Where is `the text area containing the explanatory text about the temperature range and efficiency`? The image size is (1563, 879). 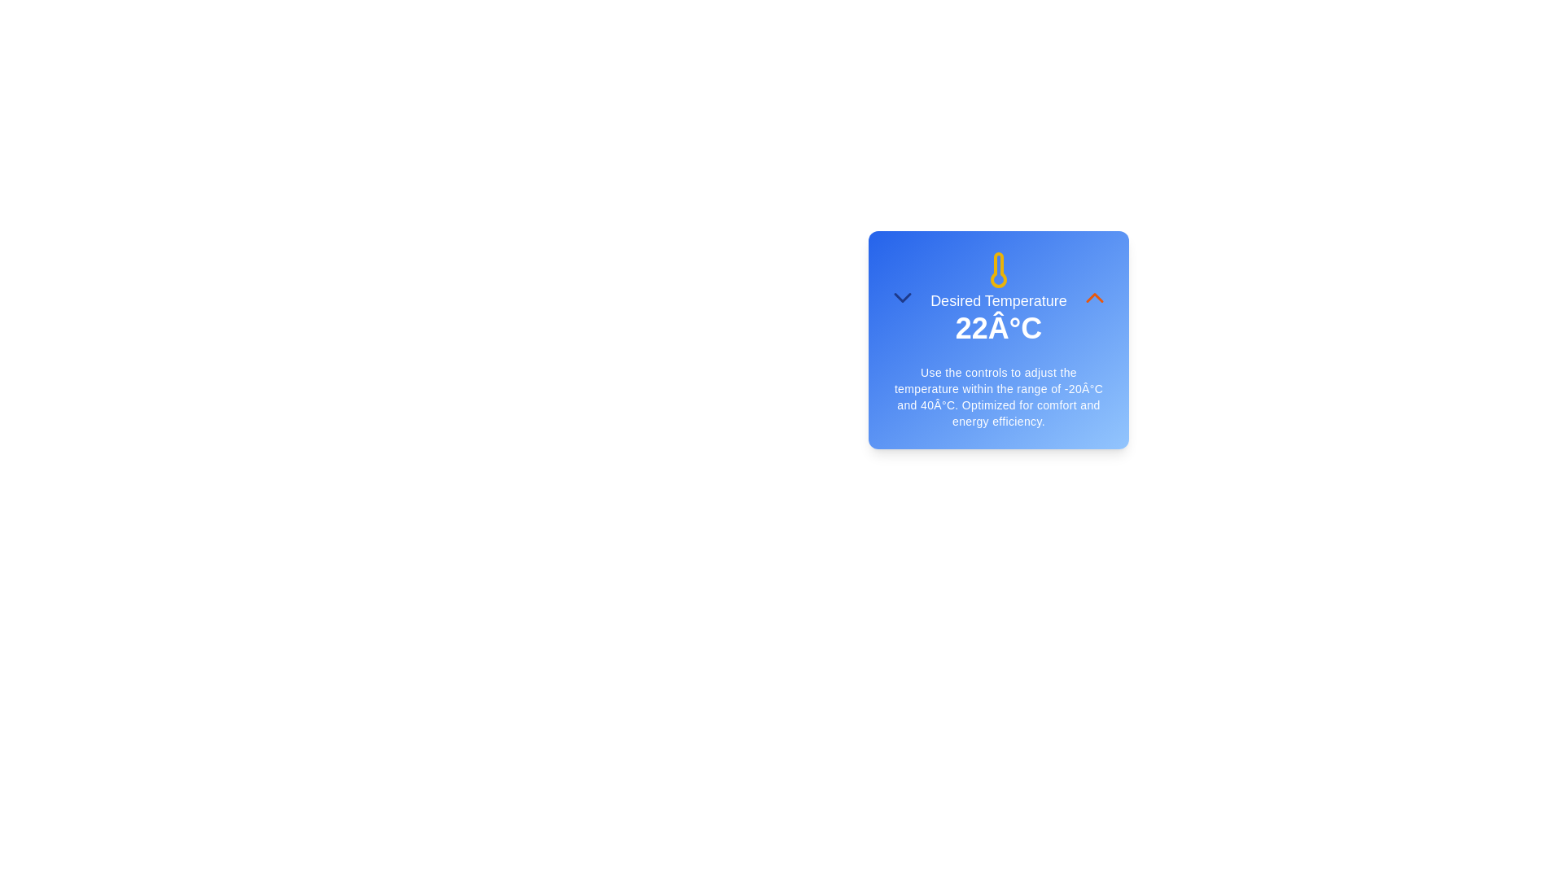
the text area containing the explanatory text about the temperature range and efficiency is located at coordinates (998, 397).